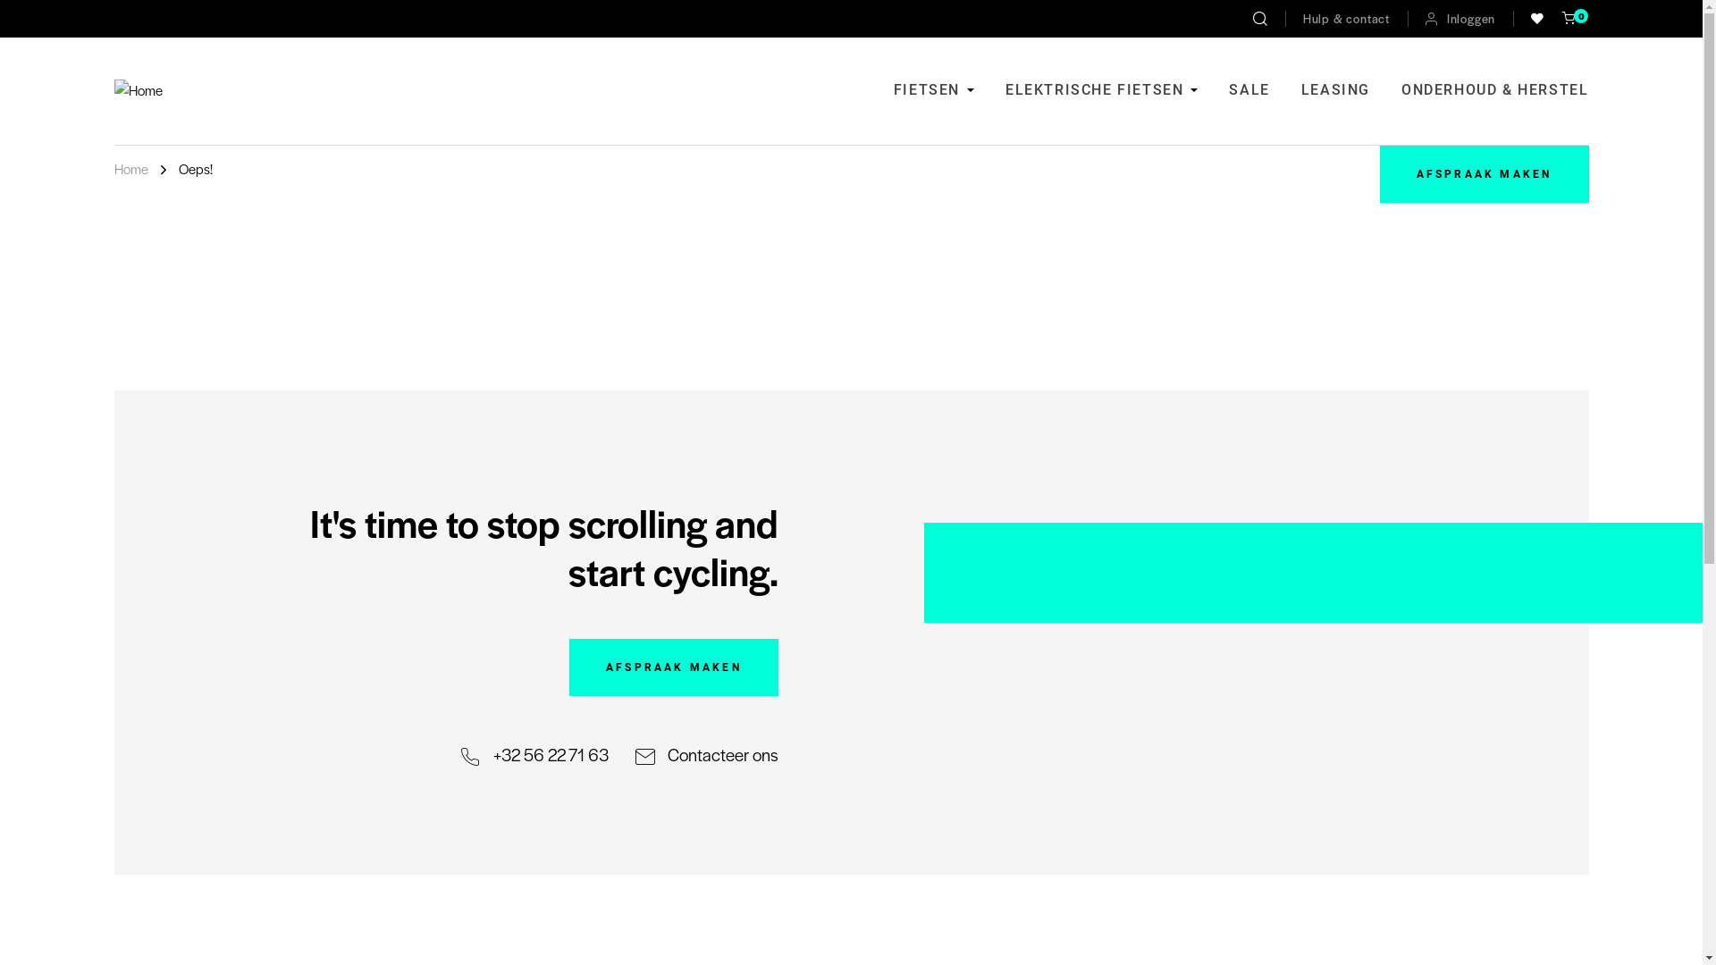 The height and width of the screenshot is (965, 1716). Describe the element at coordinates (1259, 18) in the screenshot. I see `'Apply'` at that location.